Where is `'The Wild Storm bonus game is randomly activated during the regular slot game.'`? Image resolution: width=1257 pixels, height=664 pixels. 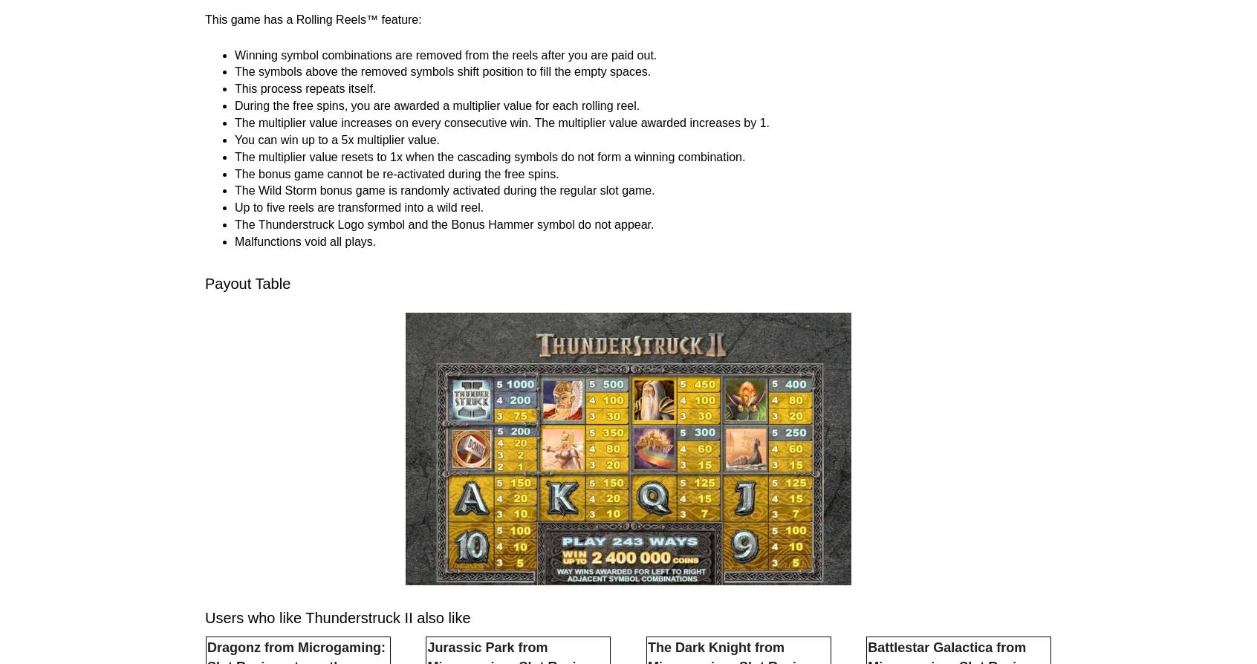
'The Wild Storm bonus game is randomly activated during the regular slot game.' is located at coordinates (444, 377).